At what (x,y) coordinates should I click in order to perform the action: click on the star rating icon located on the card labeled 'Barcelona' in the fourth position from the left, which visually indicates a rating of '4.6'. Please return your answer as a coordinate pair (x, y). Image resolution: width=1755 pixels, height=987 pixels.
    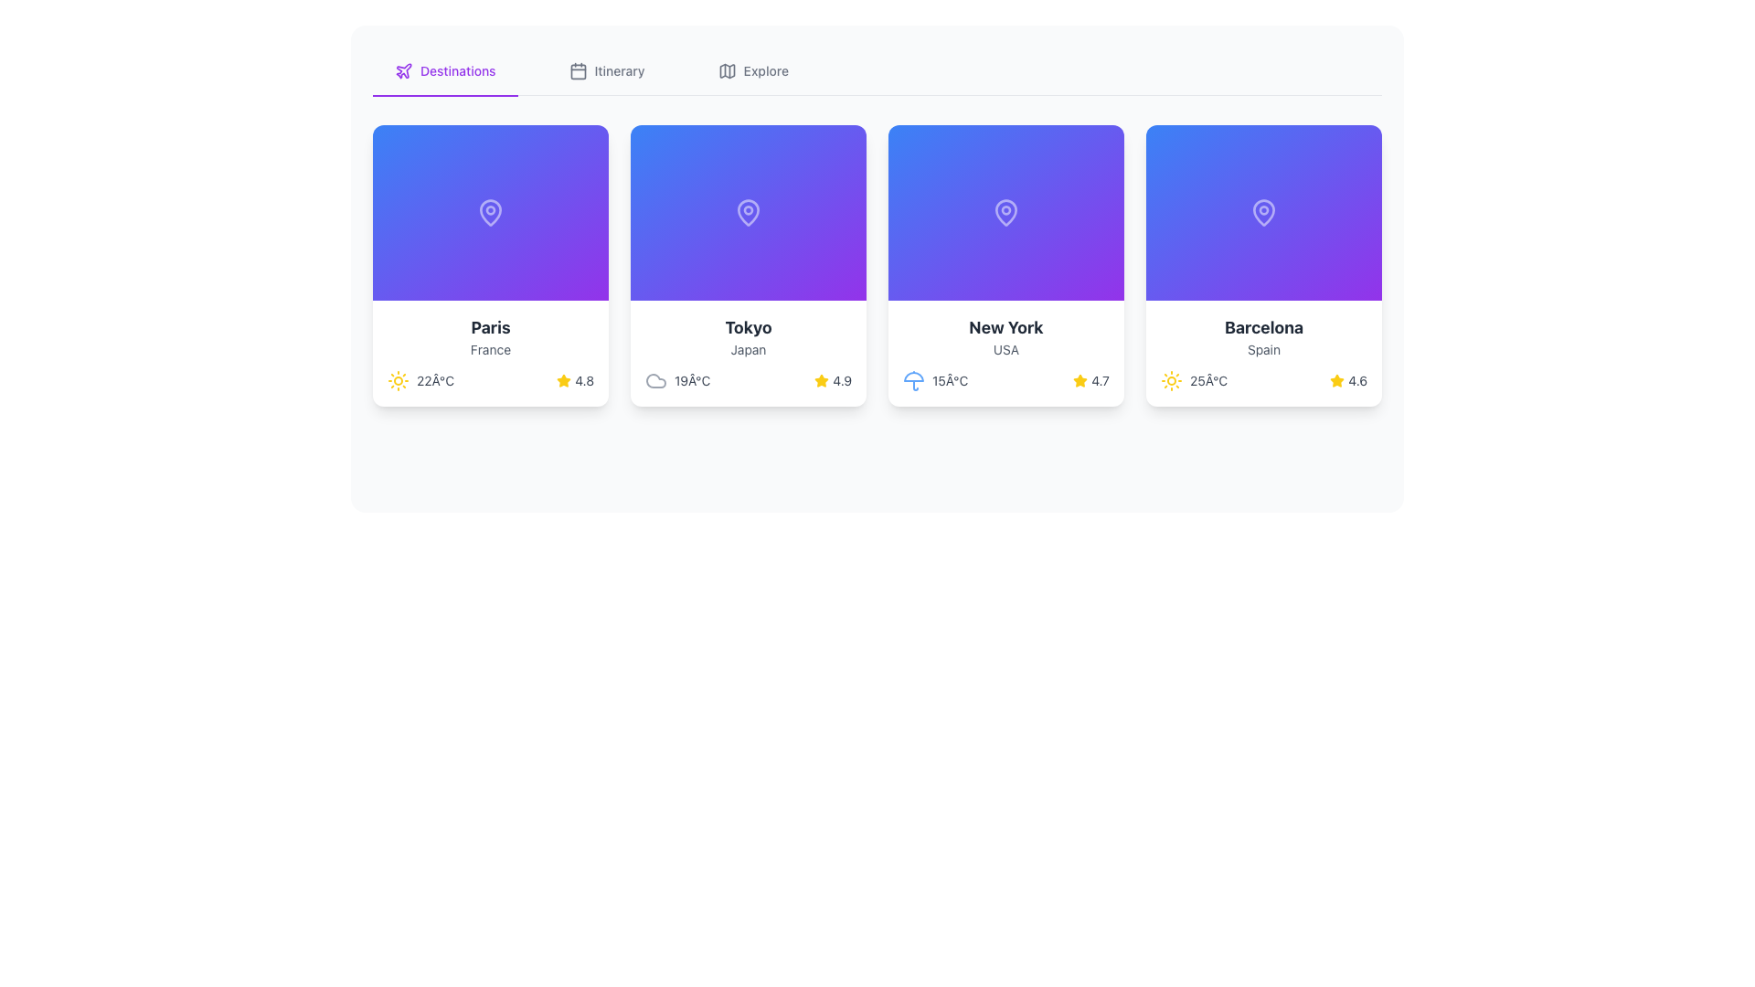
    Looking at the image, I should click on (1337, 379).